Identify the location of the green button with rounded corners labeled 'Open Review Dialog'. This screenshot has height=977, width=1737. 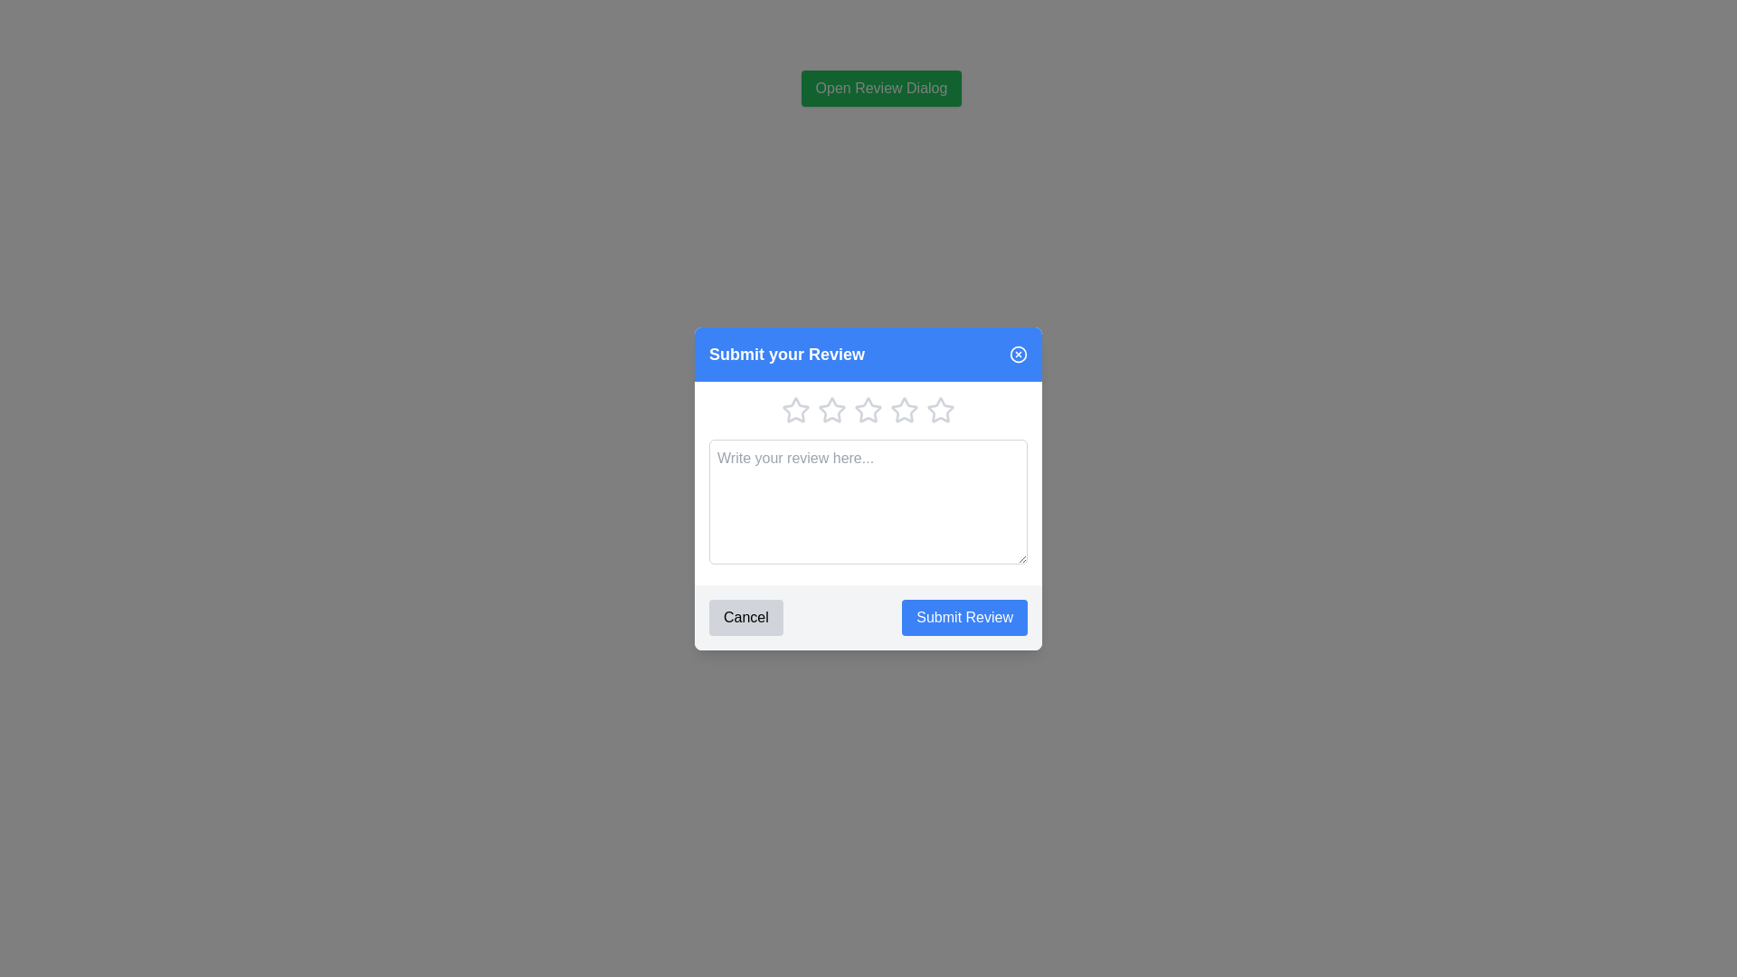
(881, 88).